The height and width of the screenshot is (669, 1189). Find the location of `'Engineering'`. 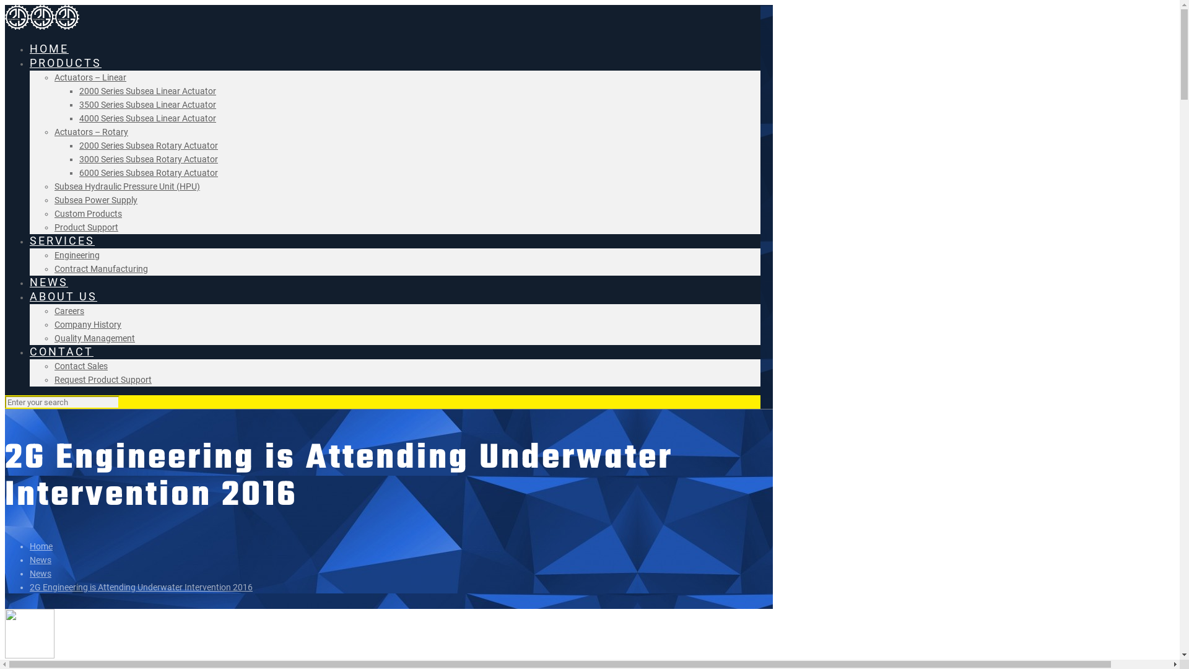

'Engineering' is located at coordinates (76, 255).